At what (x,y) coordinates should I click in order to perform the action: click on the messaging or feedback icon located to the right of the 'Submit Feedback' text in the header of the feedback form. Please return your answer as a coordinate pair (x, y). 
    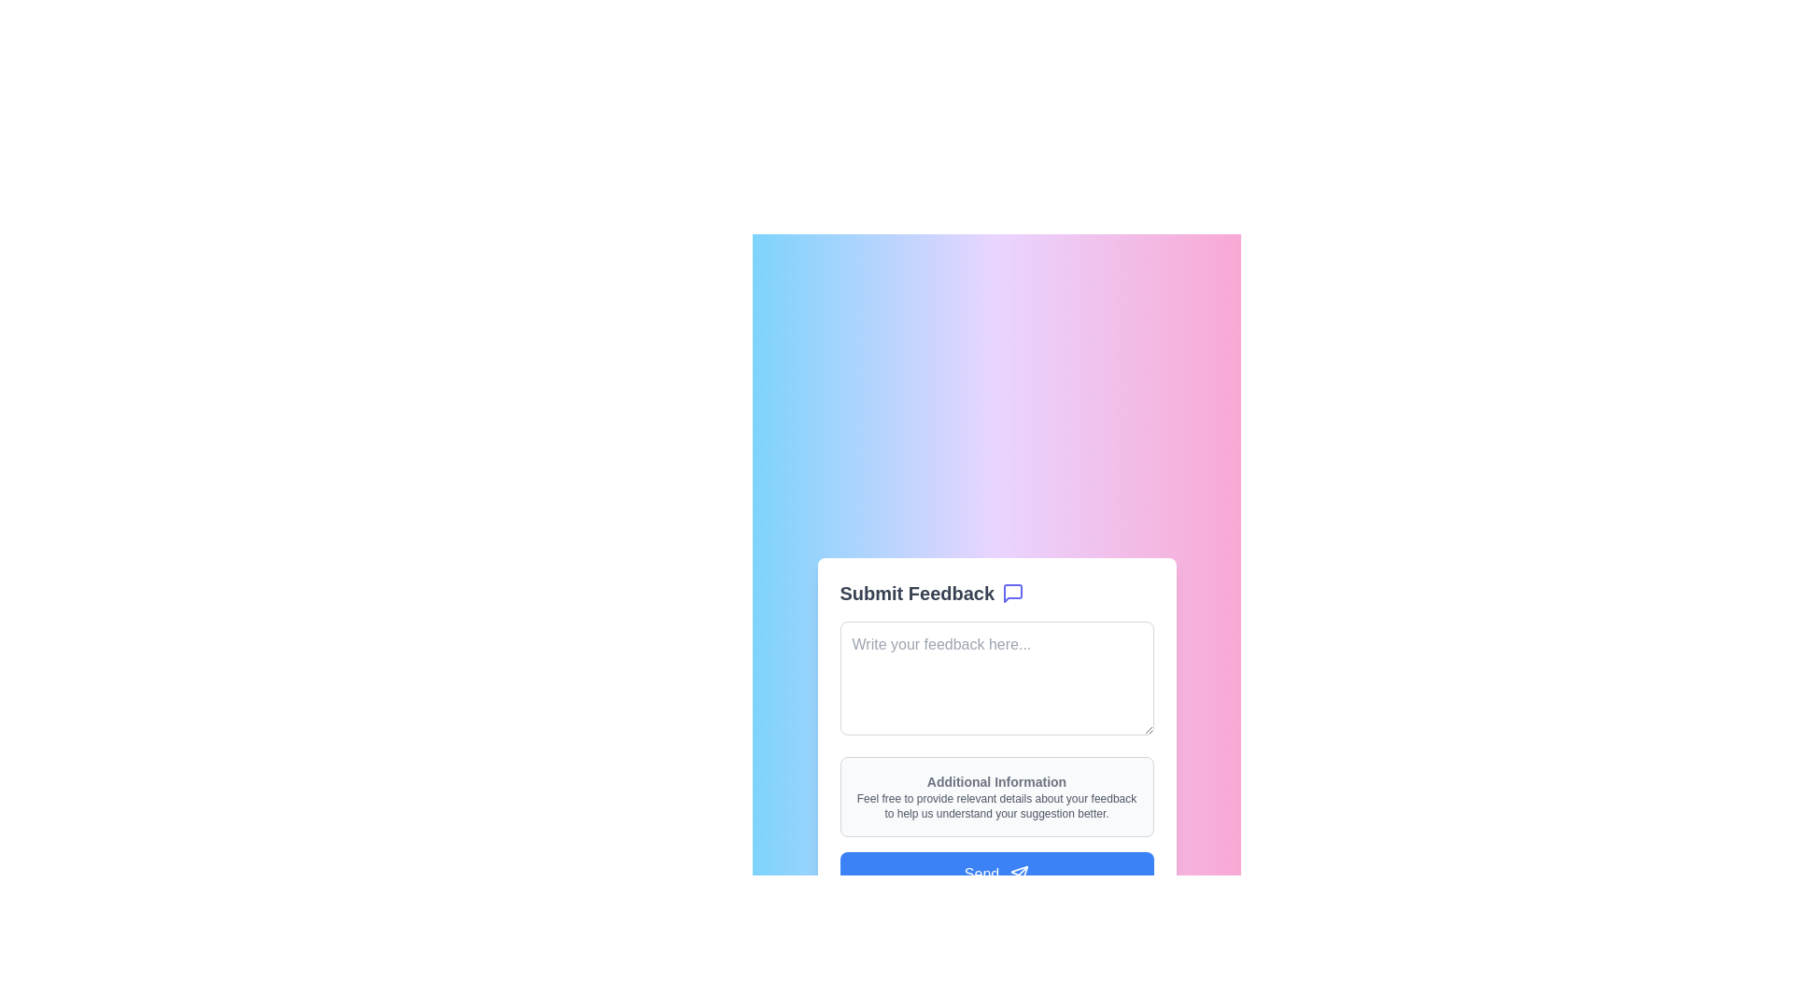
    Looking at the image, I should click on (1012, 593).